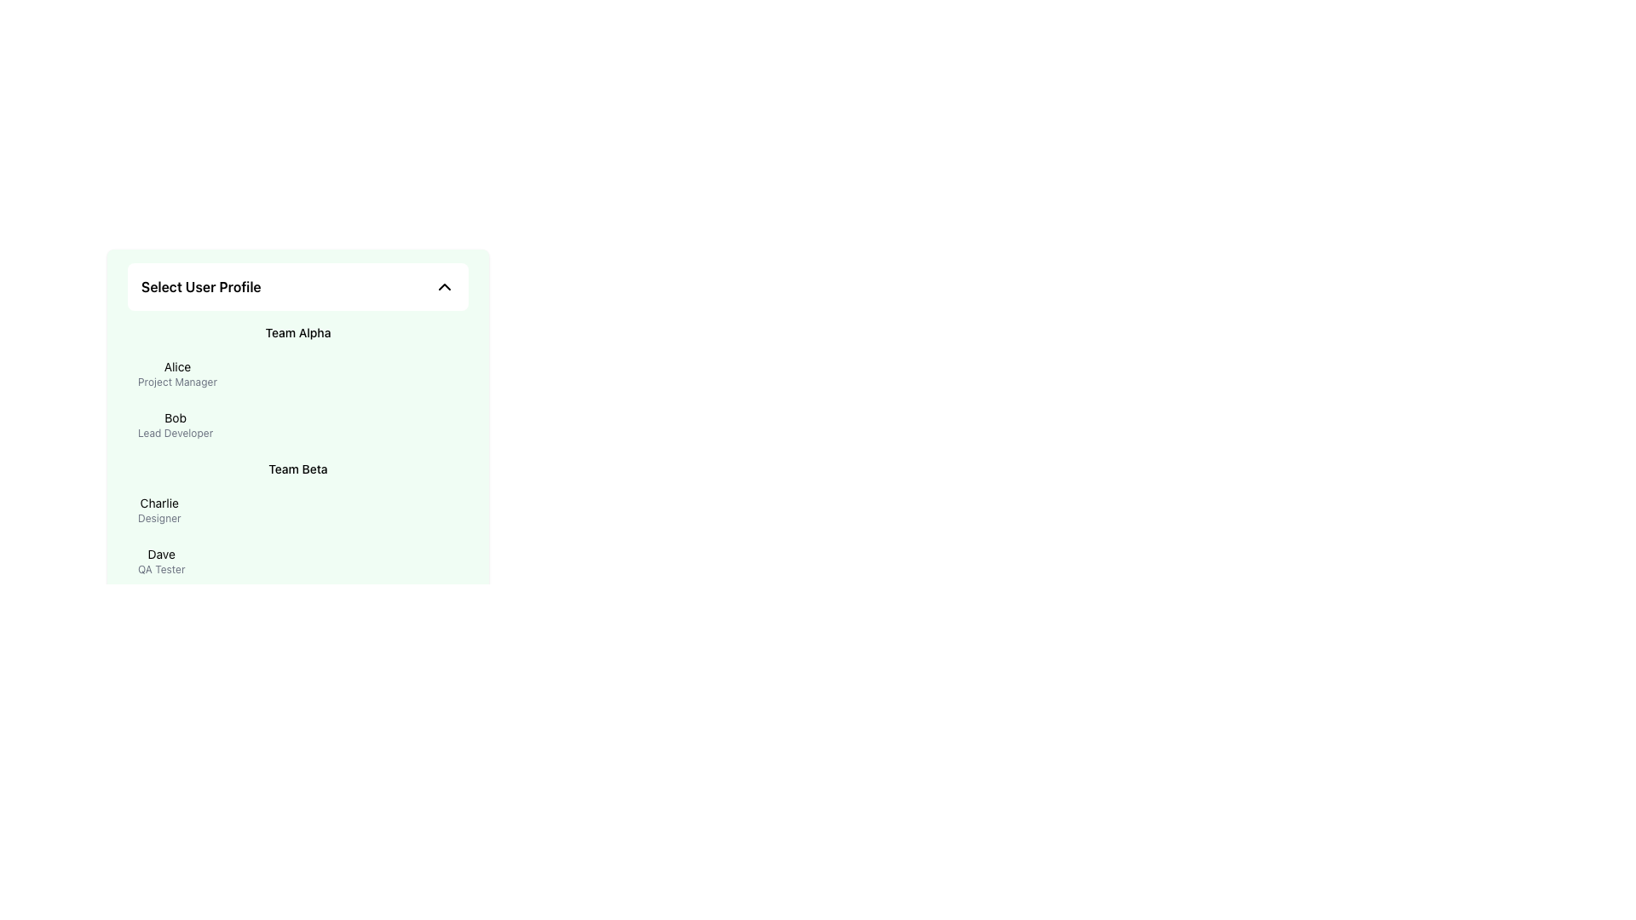 The width and height of the screenshot is (1636, 920). I want to click on the static text label indicating the role or title associated with 'Dave' in the user profile interface, located below the label 'Dave' in the 'Team Beta' section, so click(161, 569).